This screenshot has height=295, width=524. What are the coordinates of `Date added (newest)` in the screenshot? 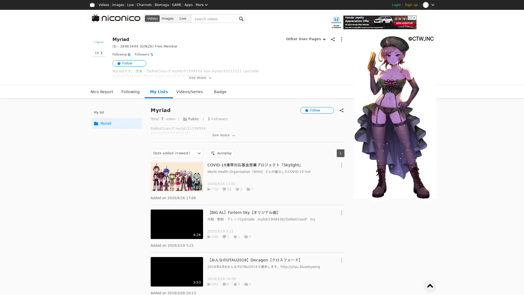 It's located at (177, 153).